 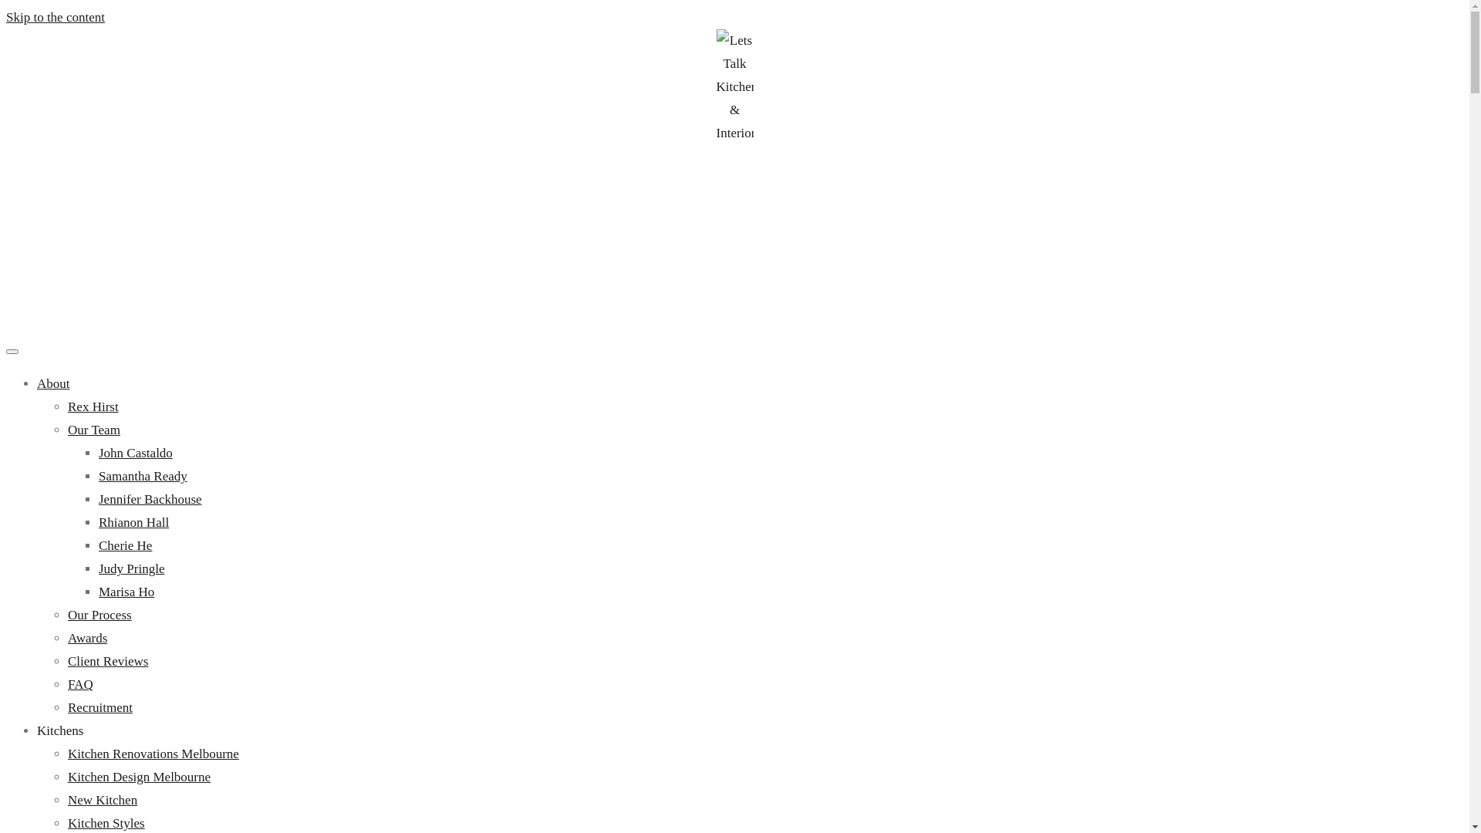 I want to click on 'New Kitchen', so click(x=102, y=799).